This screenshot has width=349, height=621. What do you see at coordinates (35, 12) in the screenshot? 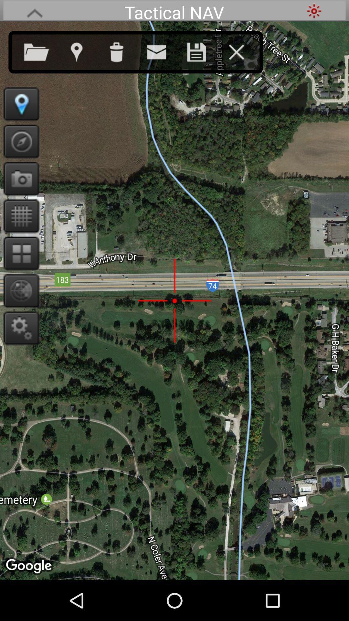
I see `the font icon` at bounding box center [35, 12].